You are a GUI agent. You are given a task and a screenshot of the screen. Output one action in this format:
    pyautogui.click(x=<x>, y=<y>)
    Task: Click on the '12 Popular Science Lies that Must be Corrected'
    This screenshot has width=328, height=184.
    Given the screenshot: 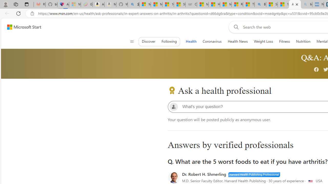 What is the action you would take?
    pyautogui.click(x=283, y=4)
    